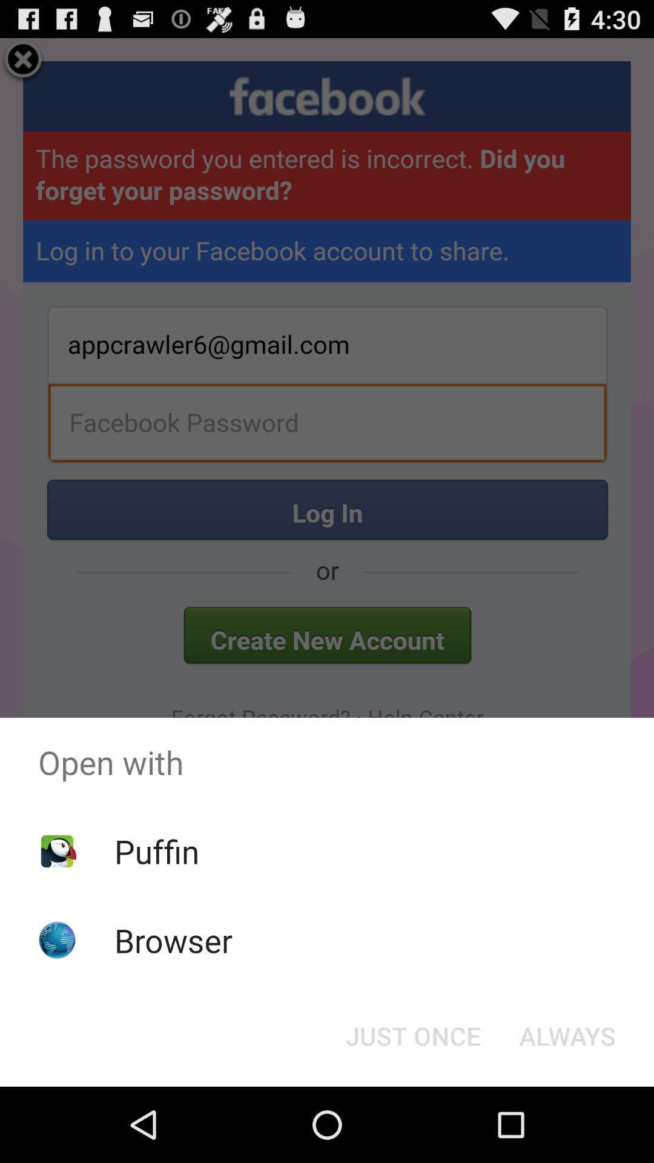 This screenshot has width=654, height=1163. What do you see at coordinates (567, 1035) in the screenshot?
I see `always item` at bounding box center [567, 1035].